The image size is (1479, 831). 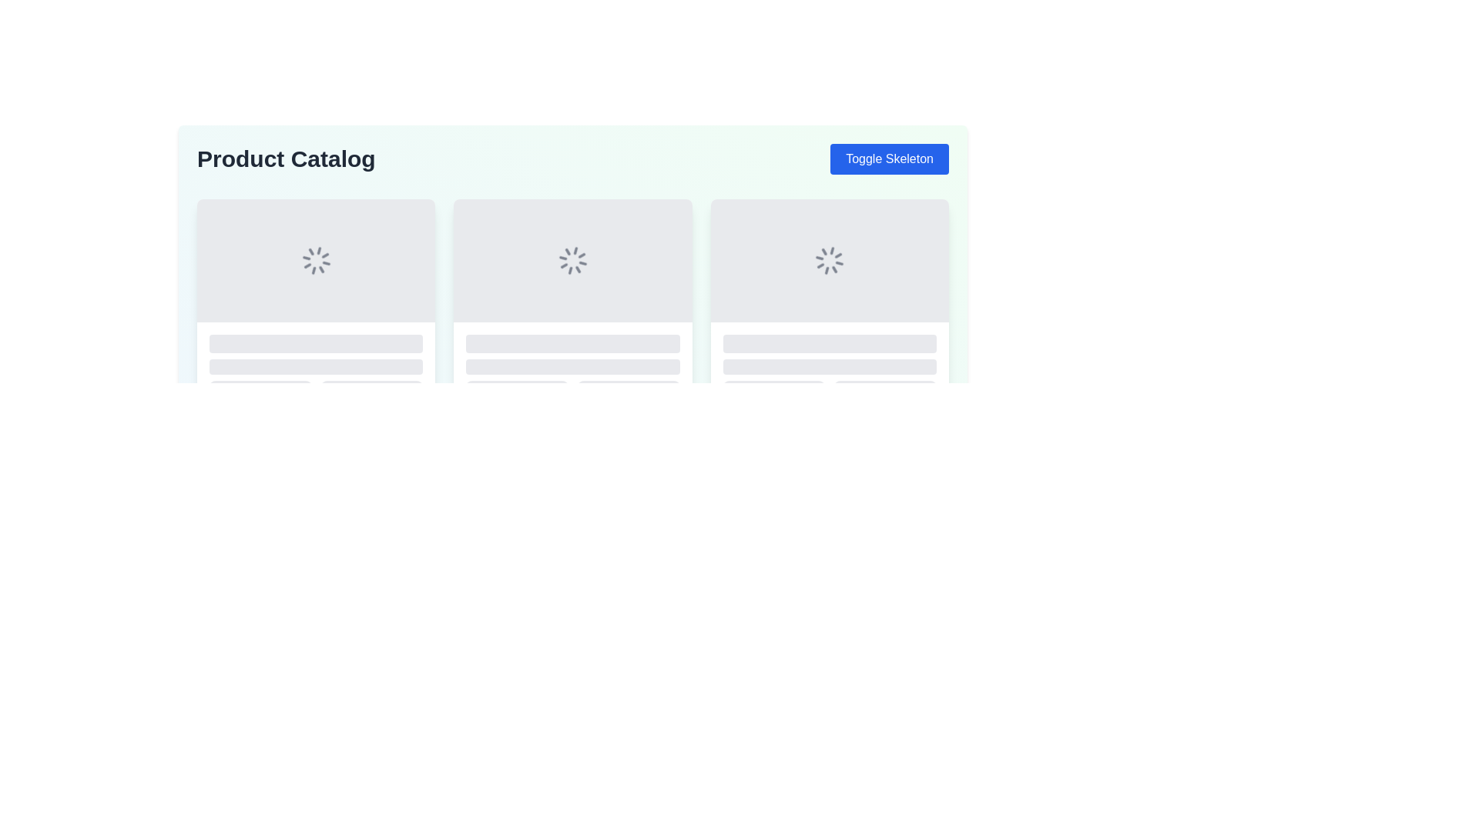 I want to click on the loading placeholder or skeleton UI component located at the bottom half of the middle card in a row of three, which visually indicates loading with animated gray bars, so click(x=572, y=364).